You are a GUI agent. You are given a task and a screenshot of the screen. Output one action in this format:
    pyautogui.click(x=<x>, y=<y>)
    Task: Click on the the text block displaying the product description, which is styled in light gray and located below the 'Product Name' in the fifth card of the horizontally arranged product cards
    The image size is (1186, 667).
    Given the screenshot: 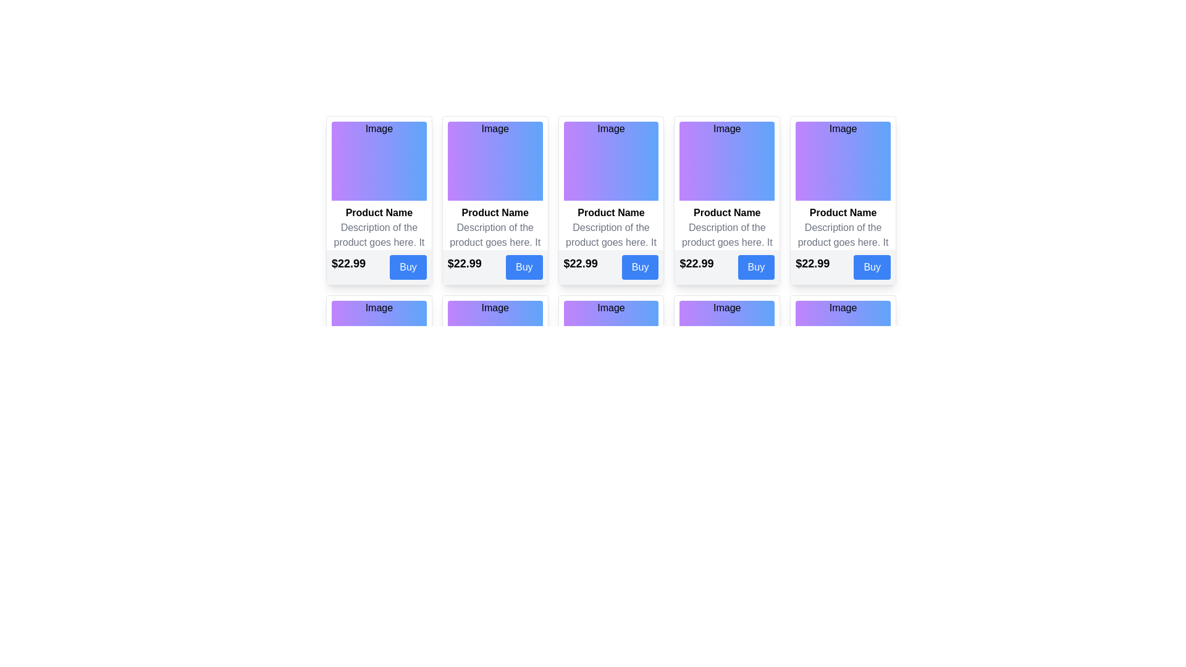 What is the action you would take?
    pyautogui.click(x=843, y=250)
    